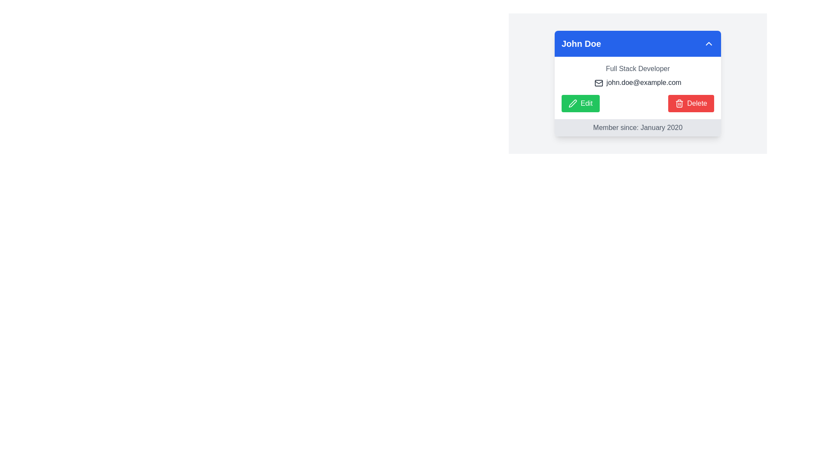 Image resolution: width=832 pixels, height=468 pixels. I want to click on the delete button located on the right side of the green 'Edit' button, so click(690, 103).